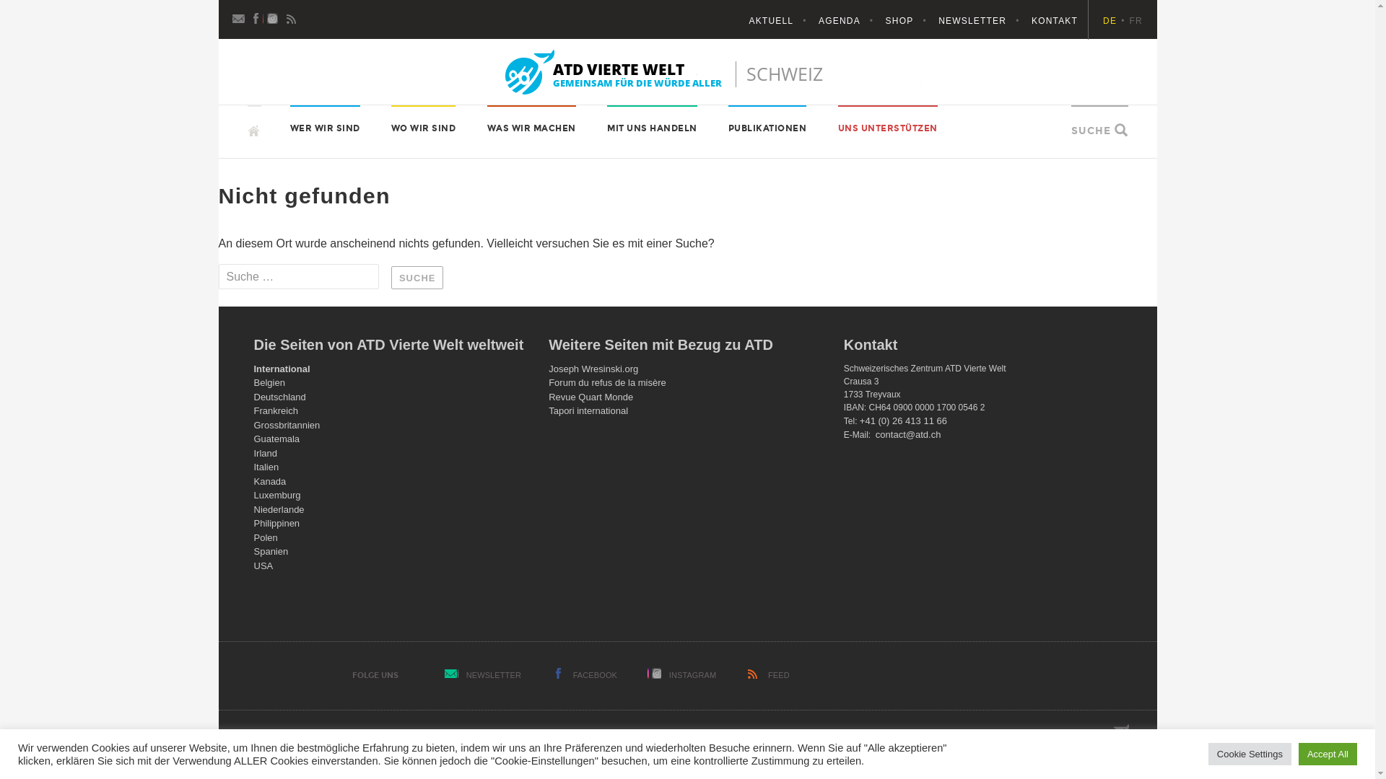 This screenshot has height=779, width=1386. Describe the element at coordinates (253, 397) in the screenshot. I see `'Deutschland'` at that location.